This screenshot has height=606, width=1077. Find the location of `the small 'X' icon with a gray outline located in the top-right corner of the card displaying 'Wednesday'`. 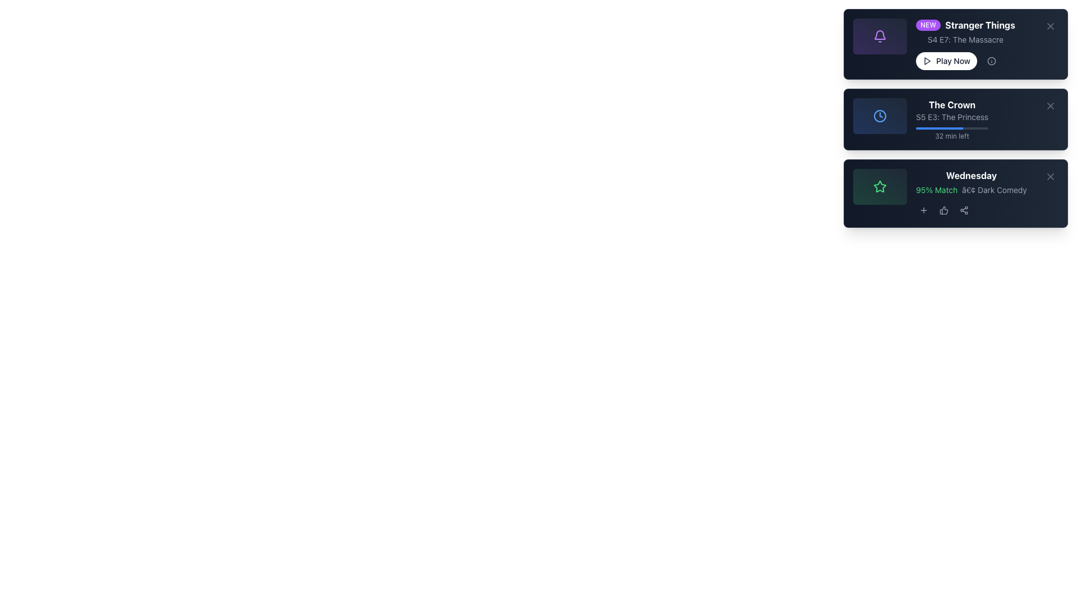

the small 'X' icon with a gray outline located in the top-right corner of the card displaying 'Wednesday' is located at coordinates (1050, 177).